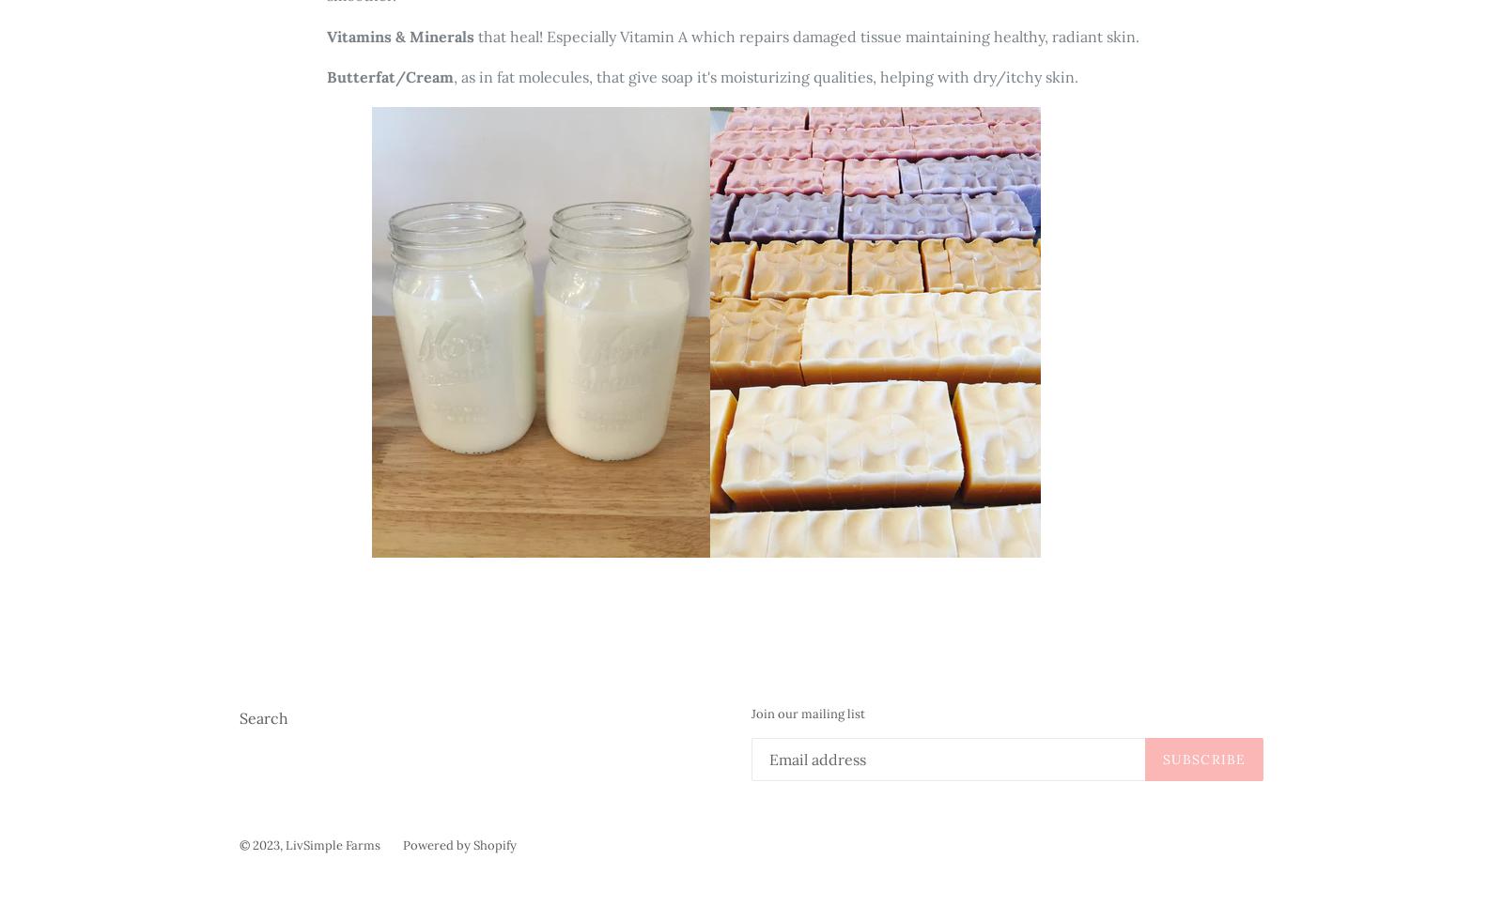 This screenshot has height=906, width=1503. Describe the element at coordinates (263, 716) in the screenshot. I see `'Search'` at that location.